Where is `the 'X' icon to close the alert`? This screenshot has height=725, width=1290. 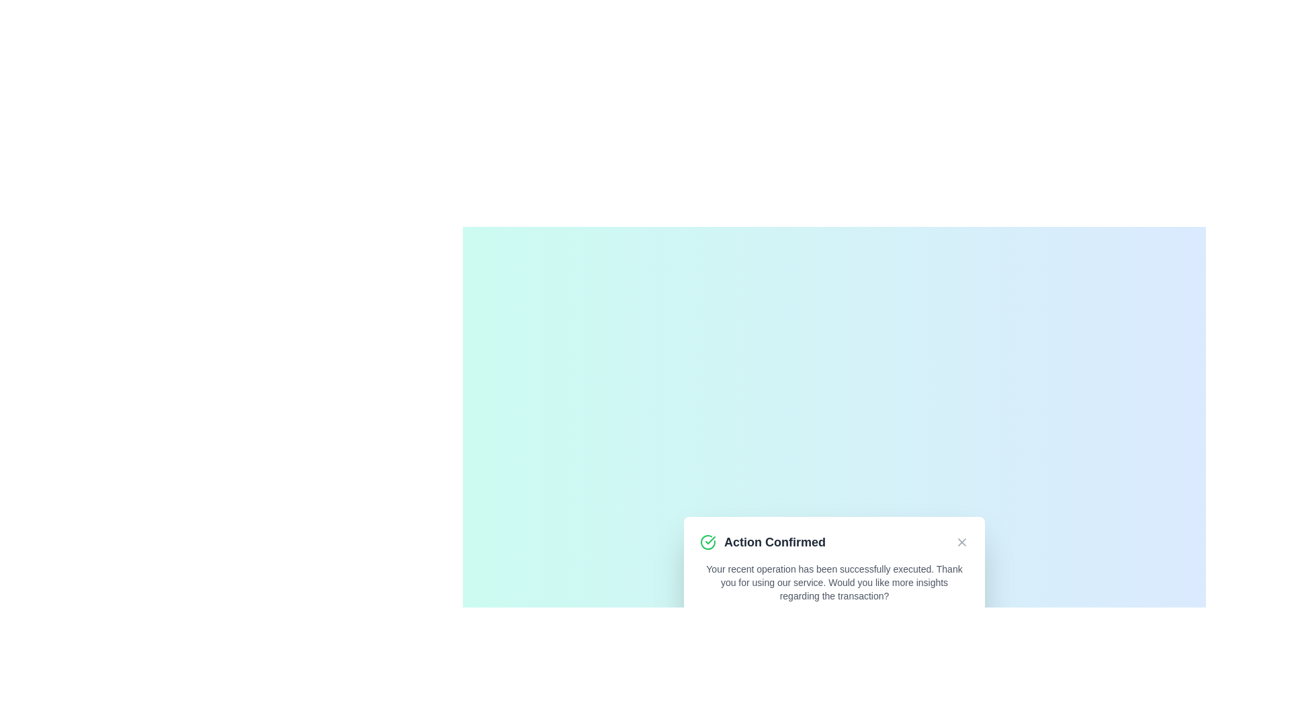
the 'X' icon to close the alert is located at coordinates (961, 541).